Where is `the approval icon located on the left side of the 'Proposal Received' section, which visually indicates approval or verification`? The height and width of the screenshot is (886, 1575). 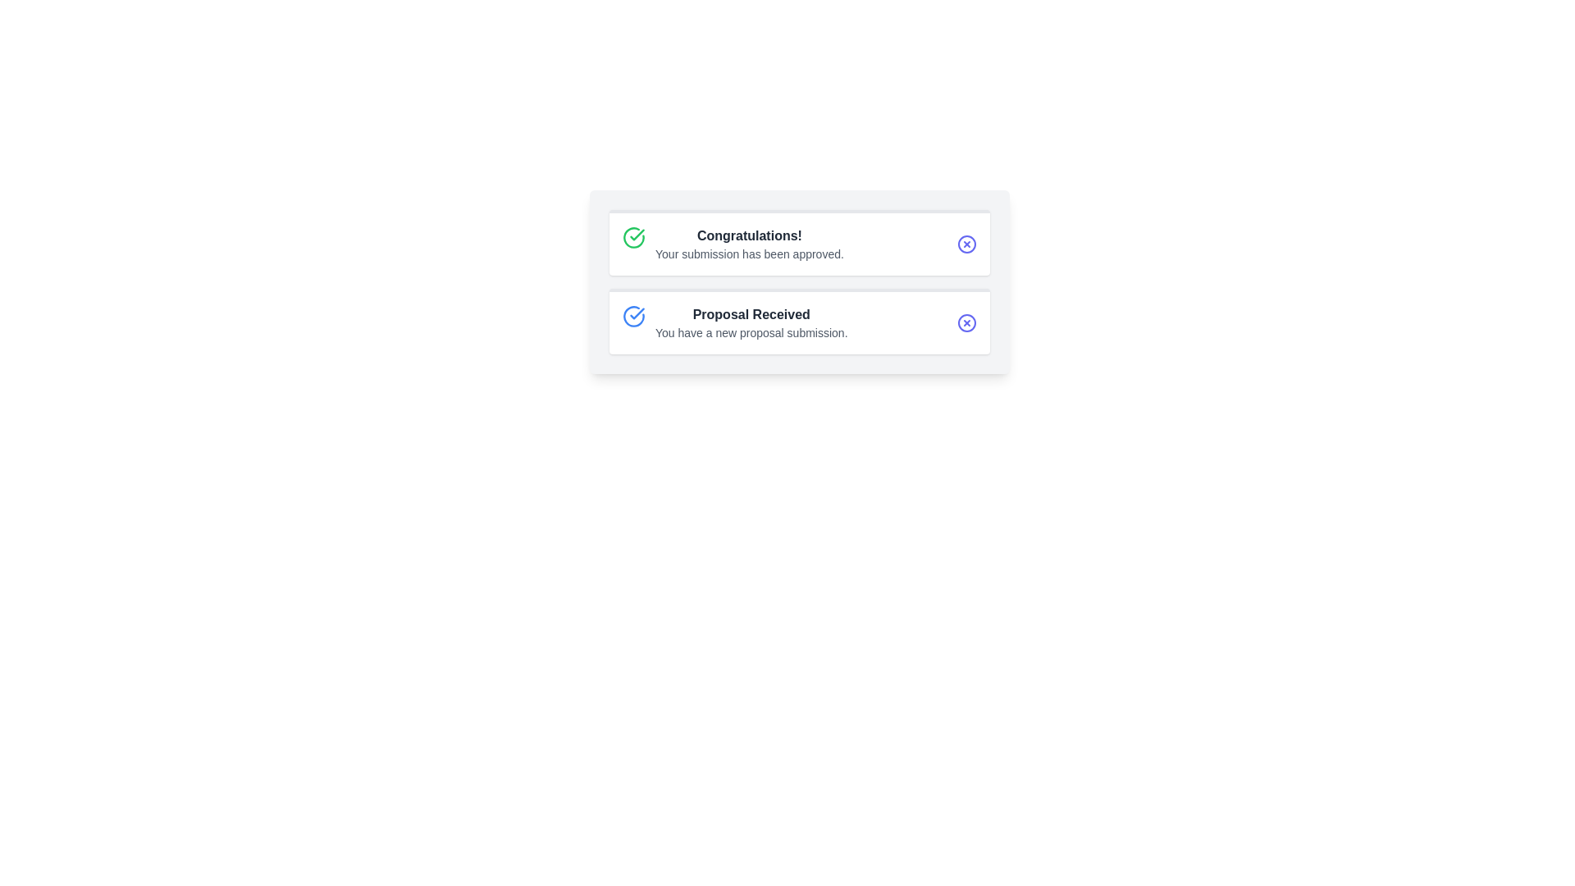
the approval icon located on the left side of the 'Proposal Received' section, which visually indicates approval or verification is located at coordinates (632, 316).